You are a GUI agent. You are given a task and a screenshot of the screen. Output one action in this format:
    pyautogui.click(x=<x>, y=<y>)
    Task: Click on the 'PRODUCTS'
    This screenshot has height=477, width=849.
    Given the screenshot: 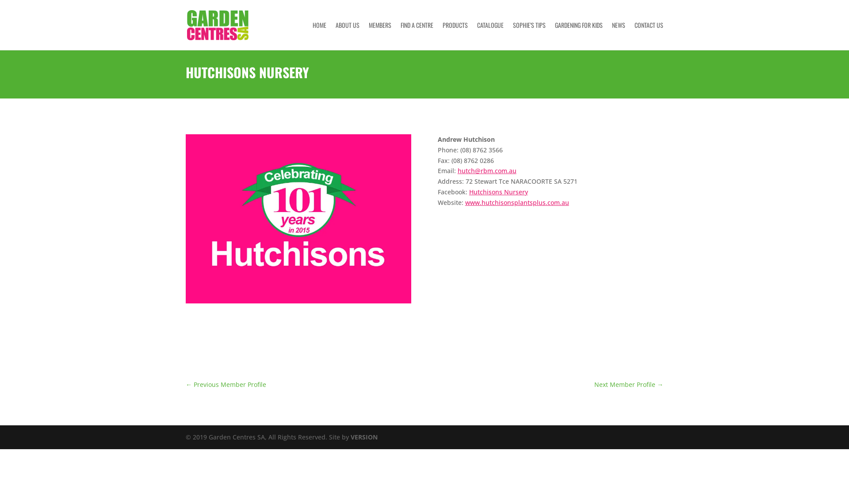 What is the action you would take?
    pyautogui.click(x=455, y=35)
    